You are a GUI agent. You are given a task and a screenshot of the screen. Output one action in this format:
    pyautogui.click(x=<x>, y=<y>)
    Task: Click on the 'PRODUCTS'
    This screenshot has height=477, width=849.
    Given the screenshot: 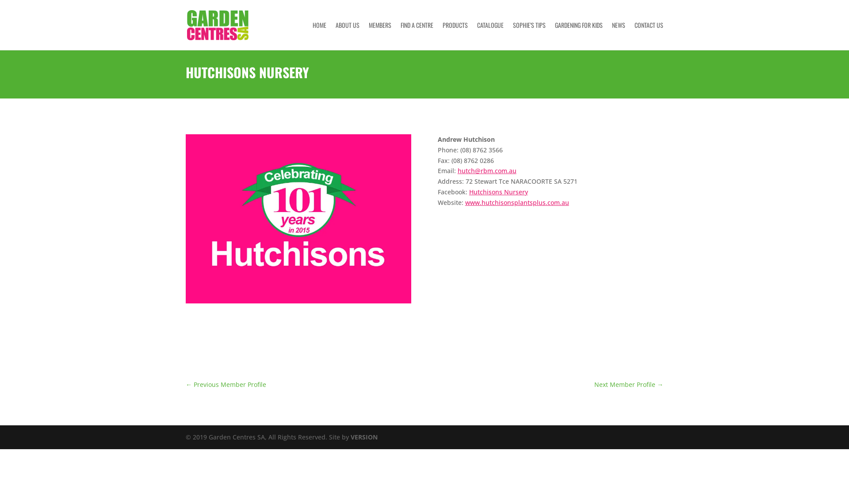 What is the action you would take?
    pyautogui.click(x=455, y=35)
    